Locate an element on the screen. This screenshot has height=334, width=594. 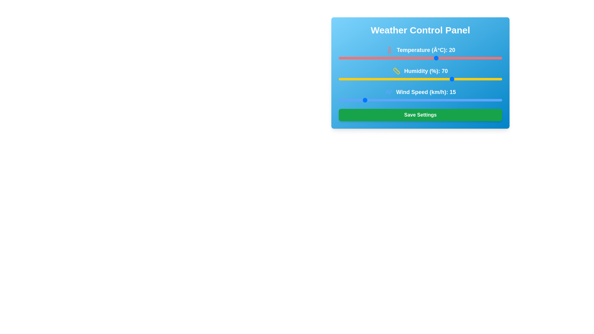
the humidity slider is located at coordinates (451, 79).